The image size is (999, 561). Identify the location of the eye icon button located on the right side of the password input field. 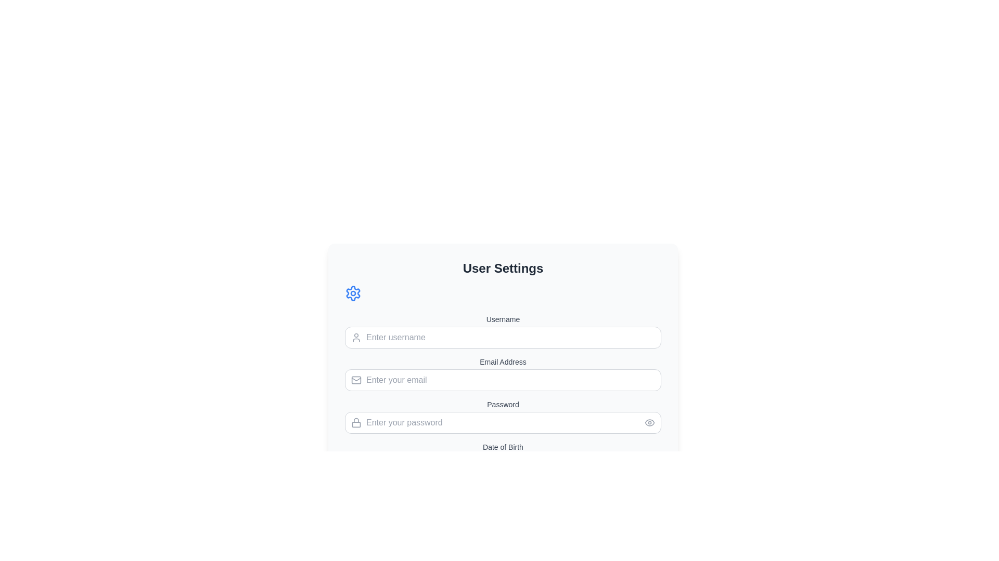
(649, 422).